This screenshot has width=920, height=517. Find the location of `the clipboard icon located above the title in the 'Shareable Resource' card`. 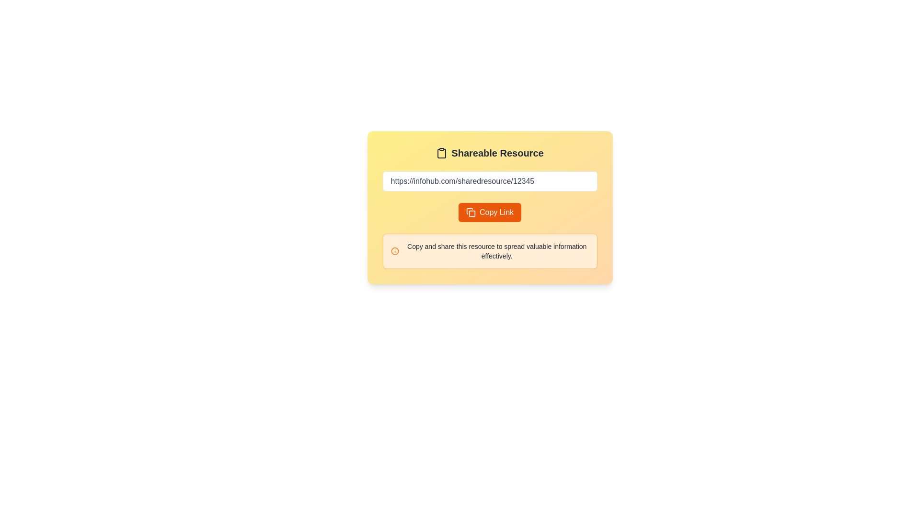

the clipboard icon located above the title in the 'Shareable Resource' card is located at coordinates (441, 153).